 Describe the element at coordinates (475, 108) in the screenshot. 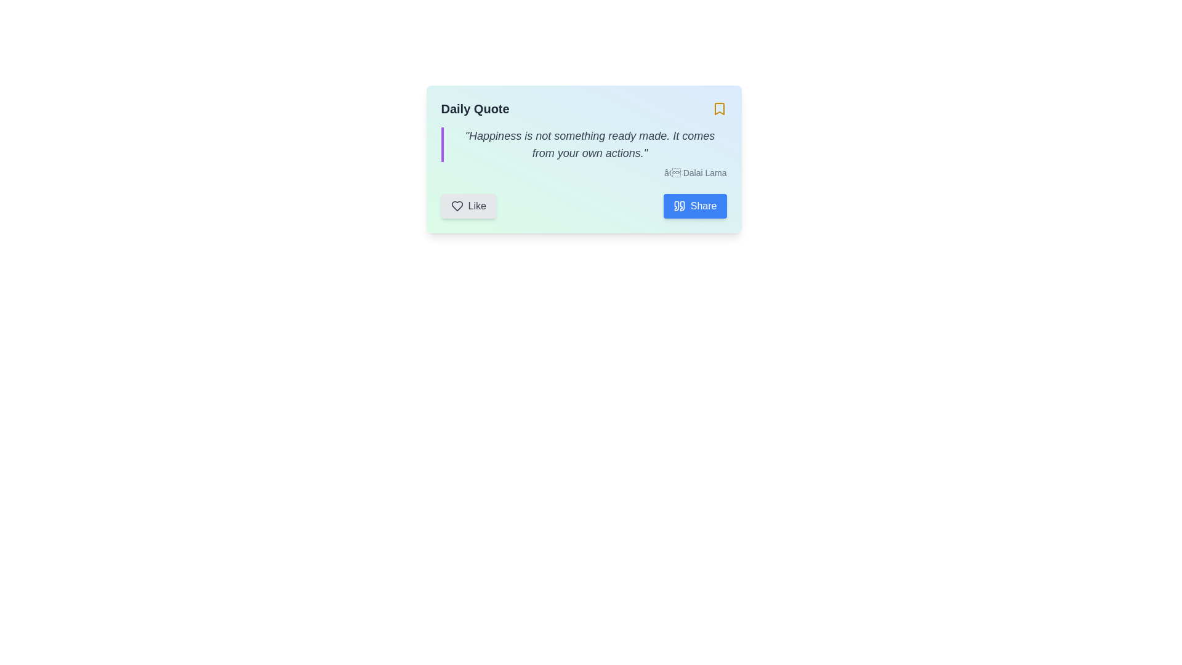

I see `the text label that serves as a heading or title for the content below, located at the top-left corner of the interface` at that location.